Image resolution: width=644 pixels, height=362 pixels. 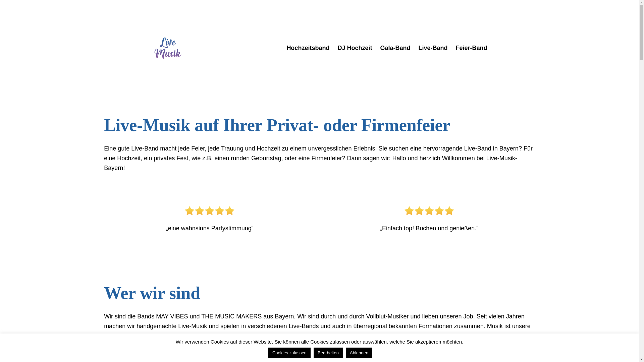 What do you see at coordinates (433, 48) in the screenshot?
I see `'Live-Band'` at bounding box center [433, 48].